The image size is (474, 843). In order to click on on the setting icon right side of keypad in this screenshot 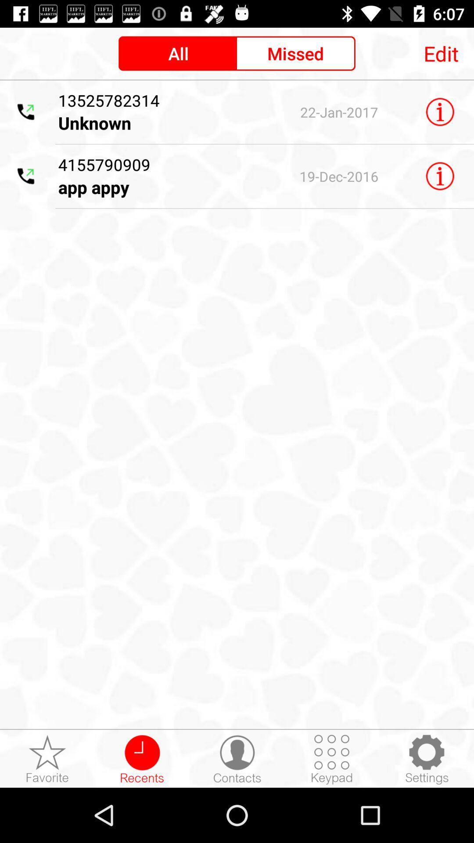, I will do `click(426, 759)`.